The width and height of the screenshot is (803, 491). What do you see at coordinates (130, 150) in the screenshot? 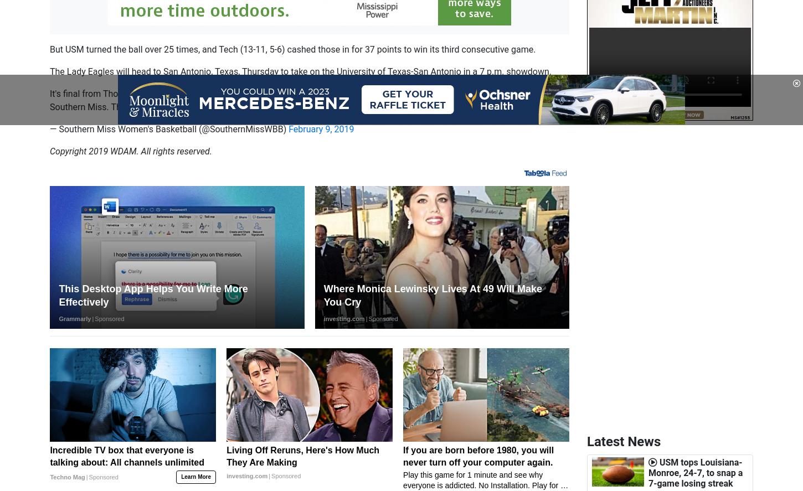
I see `'Copyright 2019 WDAM. All rights reserved.'` at bounding box center [130, 150].